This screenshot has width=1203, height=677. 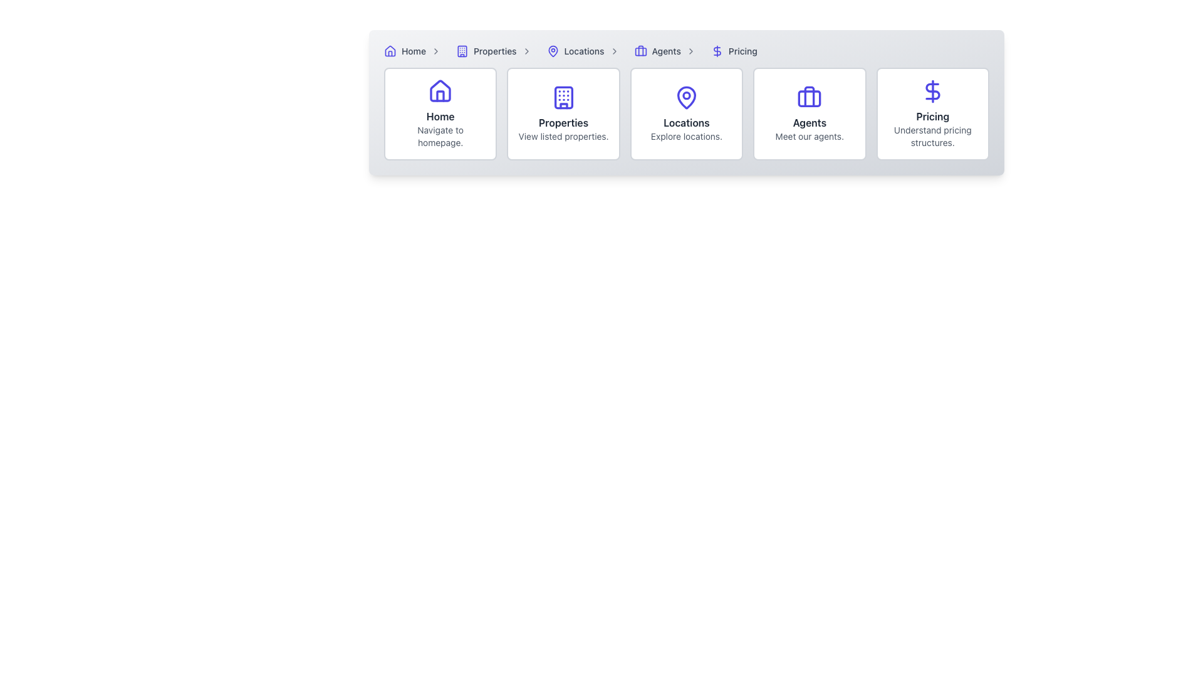 I want to click on the text label displaying 'Explore locations.' which is located directly below the 'Locations' header and is center-aligned within its card, so click(x=685, y=137).